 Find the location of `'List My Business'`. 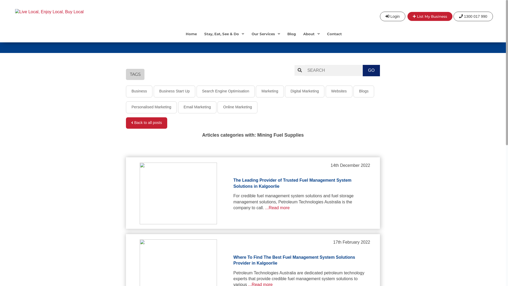

'List My Business' is located at coordinates (407, 16).